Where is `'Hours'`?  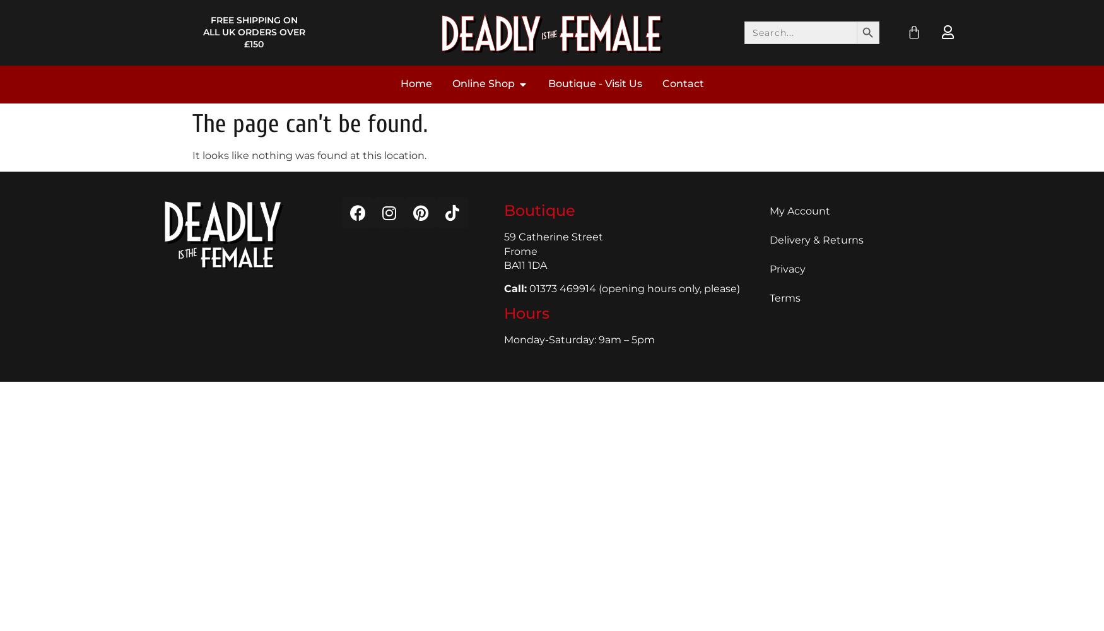 'Hours' is located at coordinates (526, 312).